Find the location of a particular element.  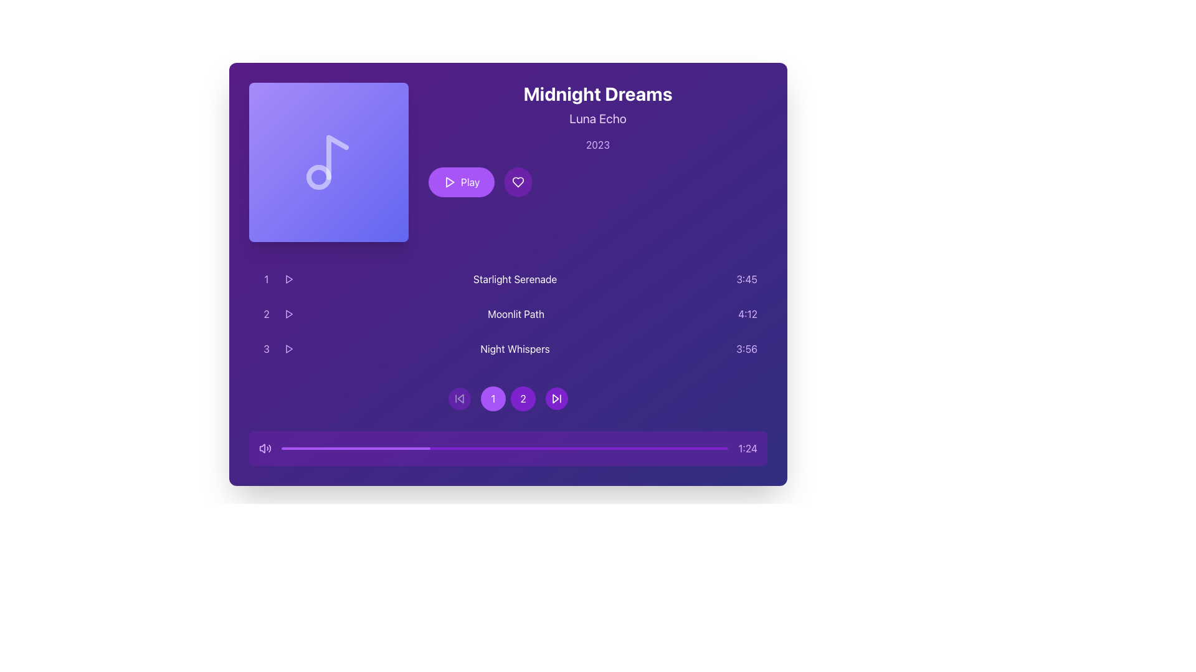

the first circular button labeled '1' in the navigation bar is located at coordinates (508, 398).